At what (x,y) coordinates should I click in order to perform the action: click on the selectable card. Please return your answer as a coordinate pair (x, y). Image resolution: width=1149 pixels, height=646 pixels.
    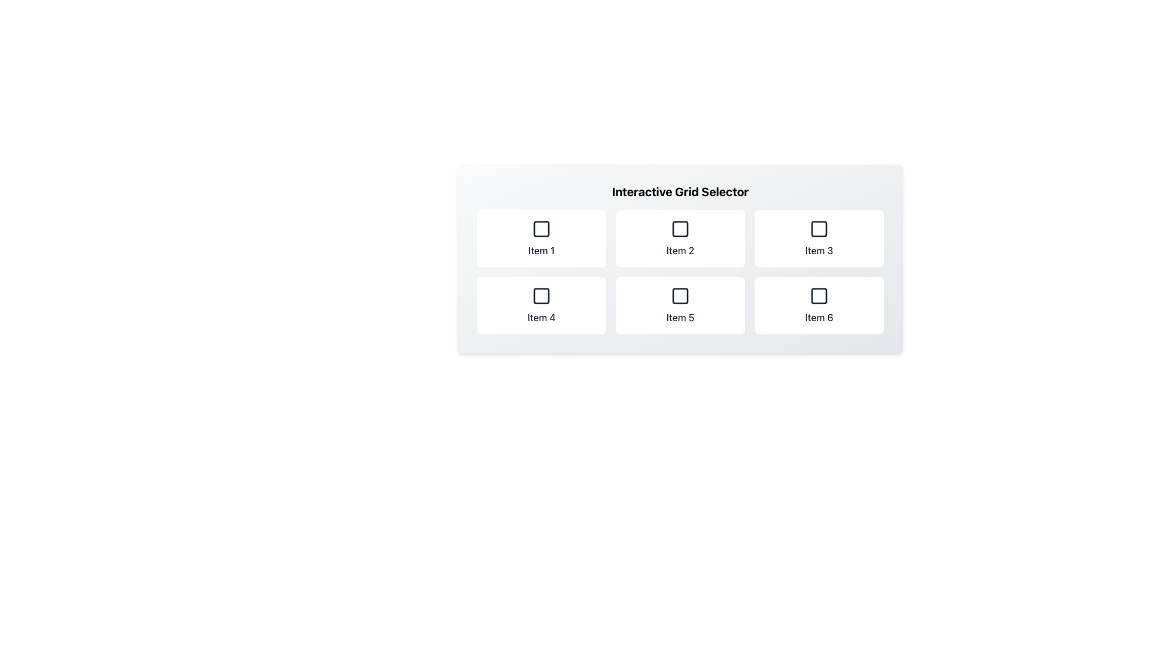
    Looking at the image, I should click on (818, 238).